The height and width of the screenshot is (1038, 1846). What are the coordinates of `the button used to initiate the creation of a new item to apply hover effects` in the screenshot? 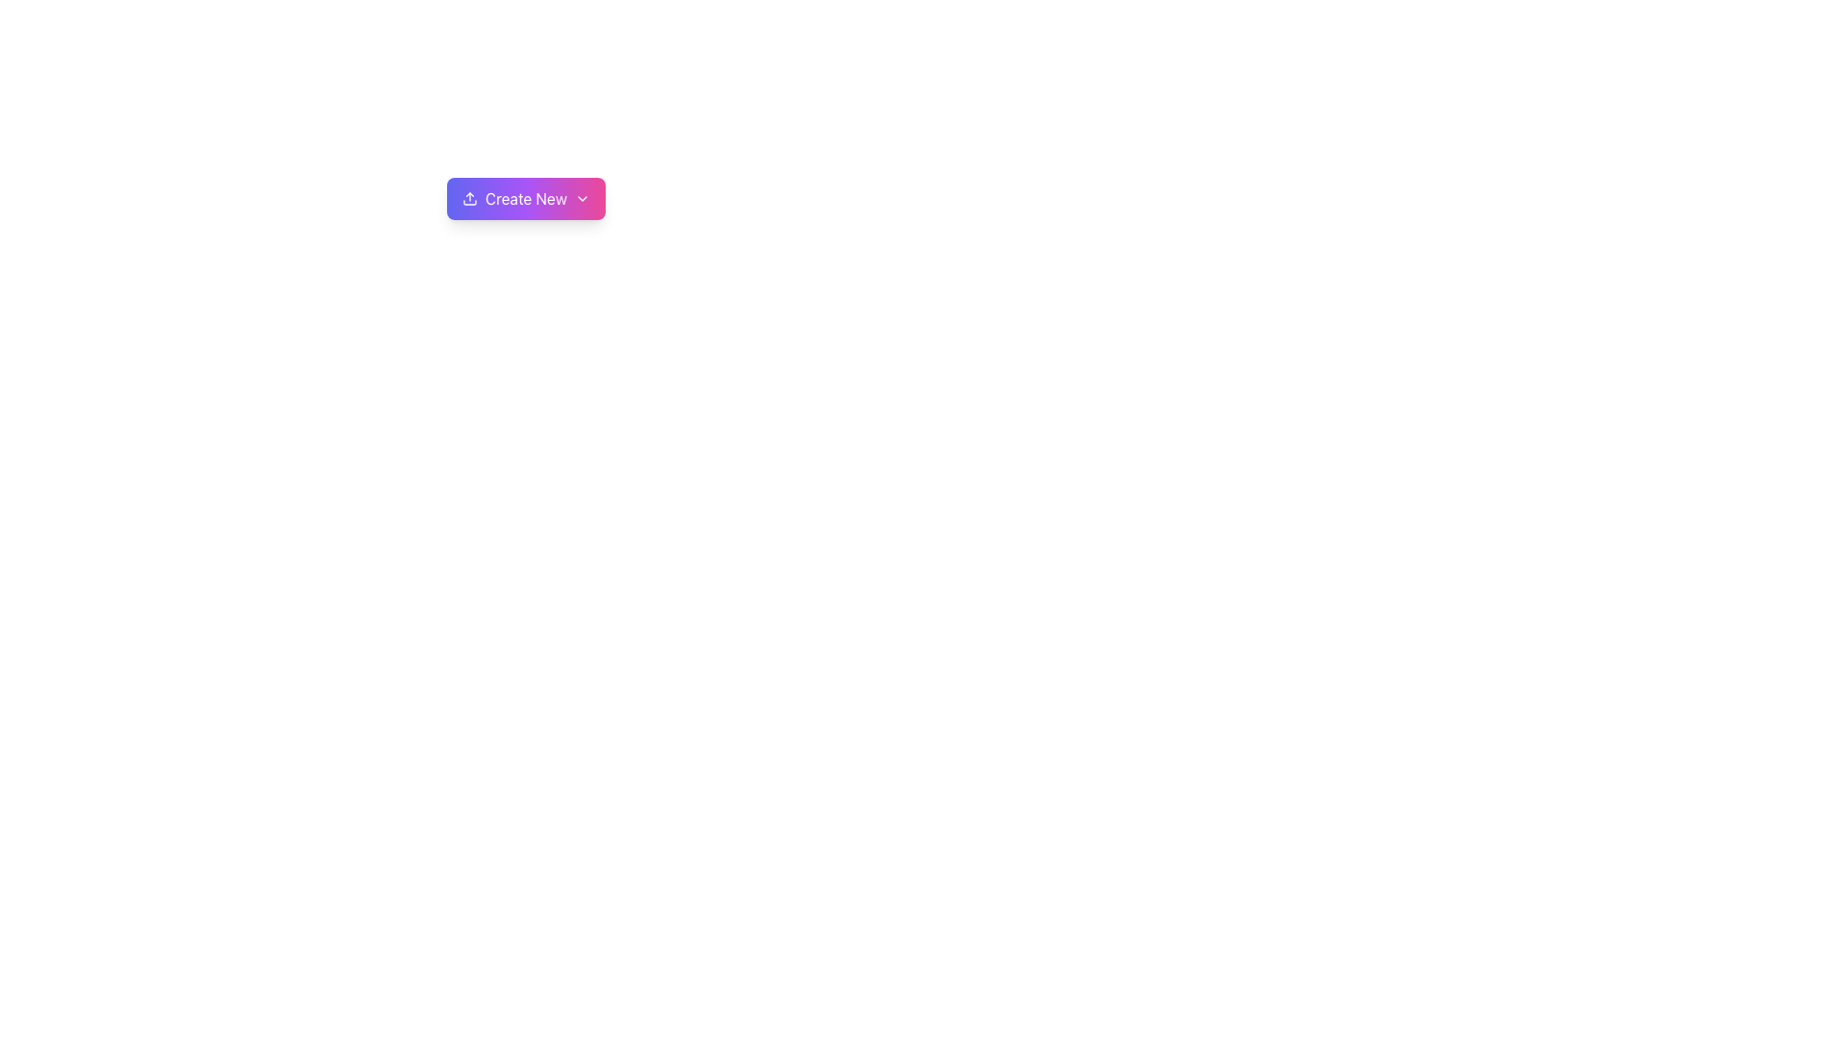 It's located at (526, 199).